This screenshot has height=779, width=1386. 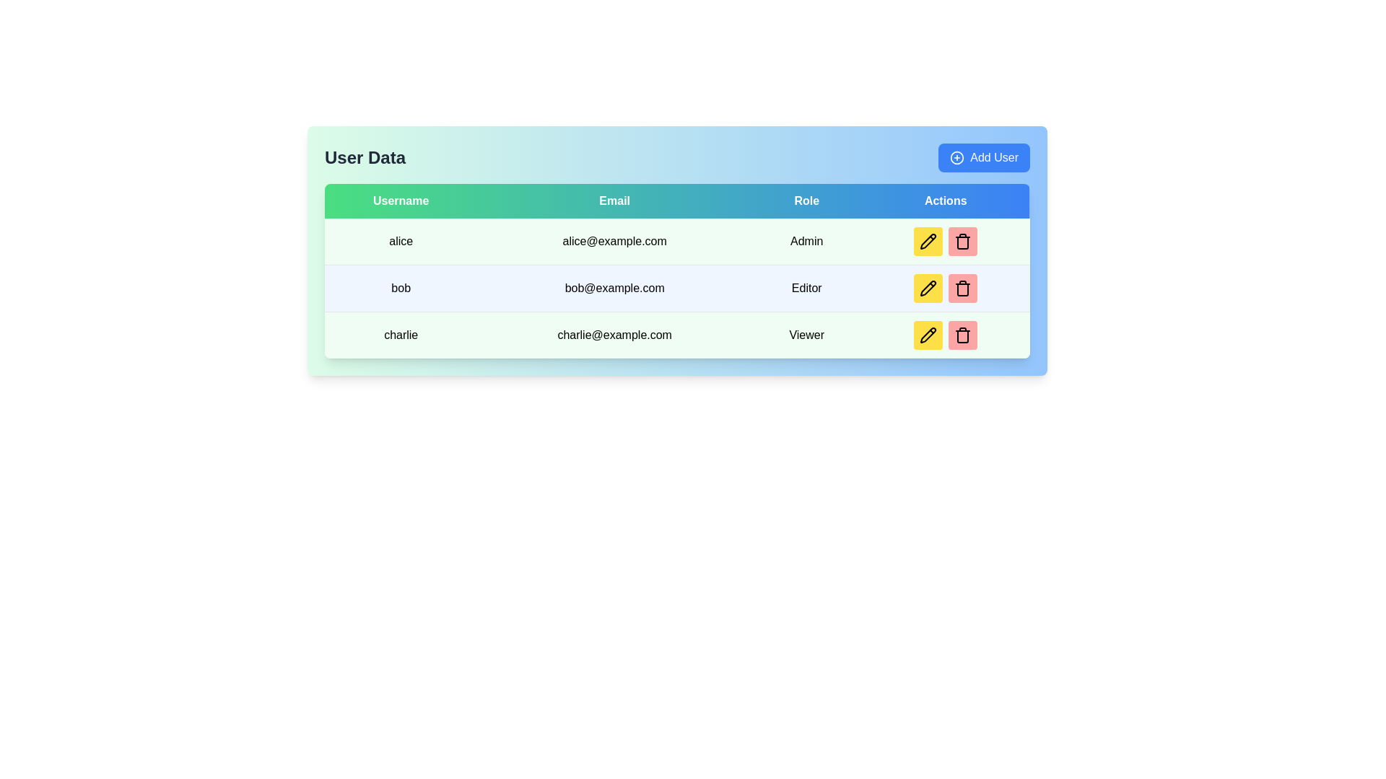 I want to click on the pencil-shaped icon with a yellow background and black outlines located in the last column of the first row of the table, so click(x=928, y=241).